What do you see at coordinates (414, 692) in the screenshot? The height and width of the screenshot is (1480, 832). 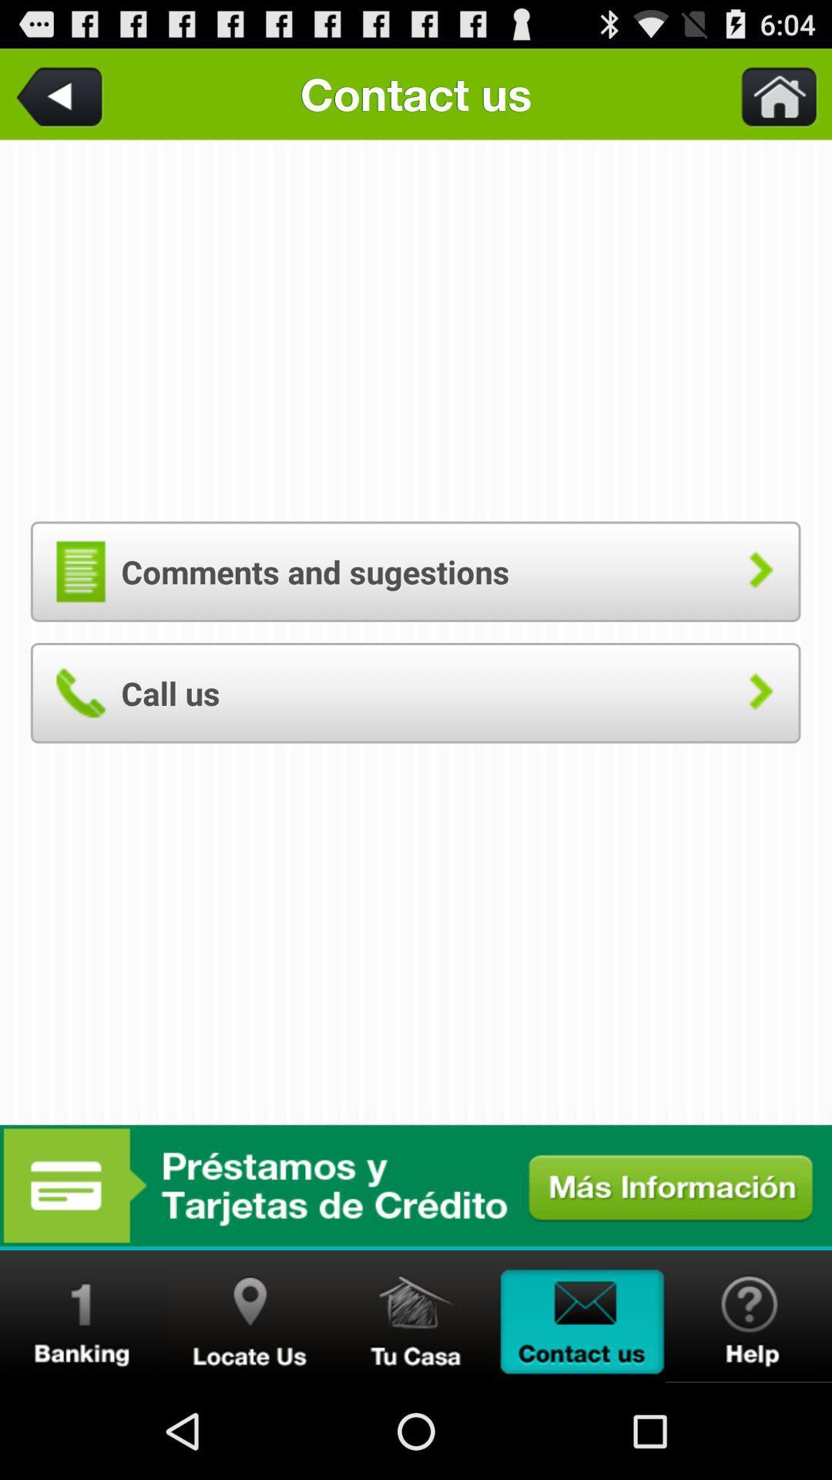 I see `the call us` at bounding box center [414, 692].